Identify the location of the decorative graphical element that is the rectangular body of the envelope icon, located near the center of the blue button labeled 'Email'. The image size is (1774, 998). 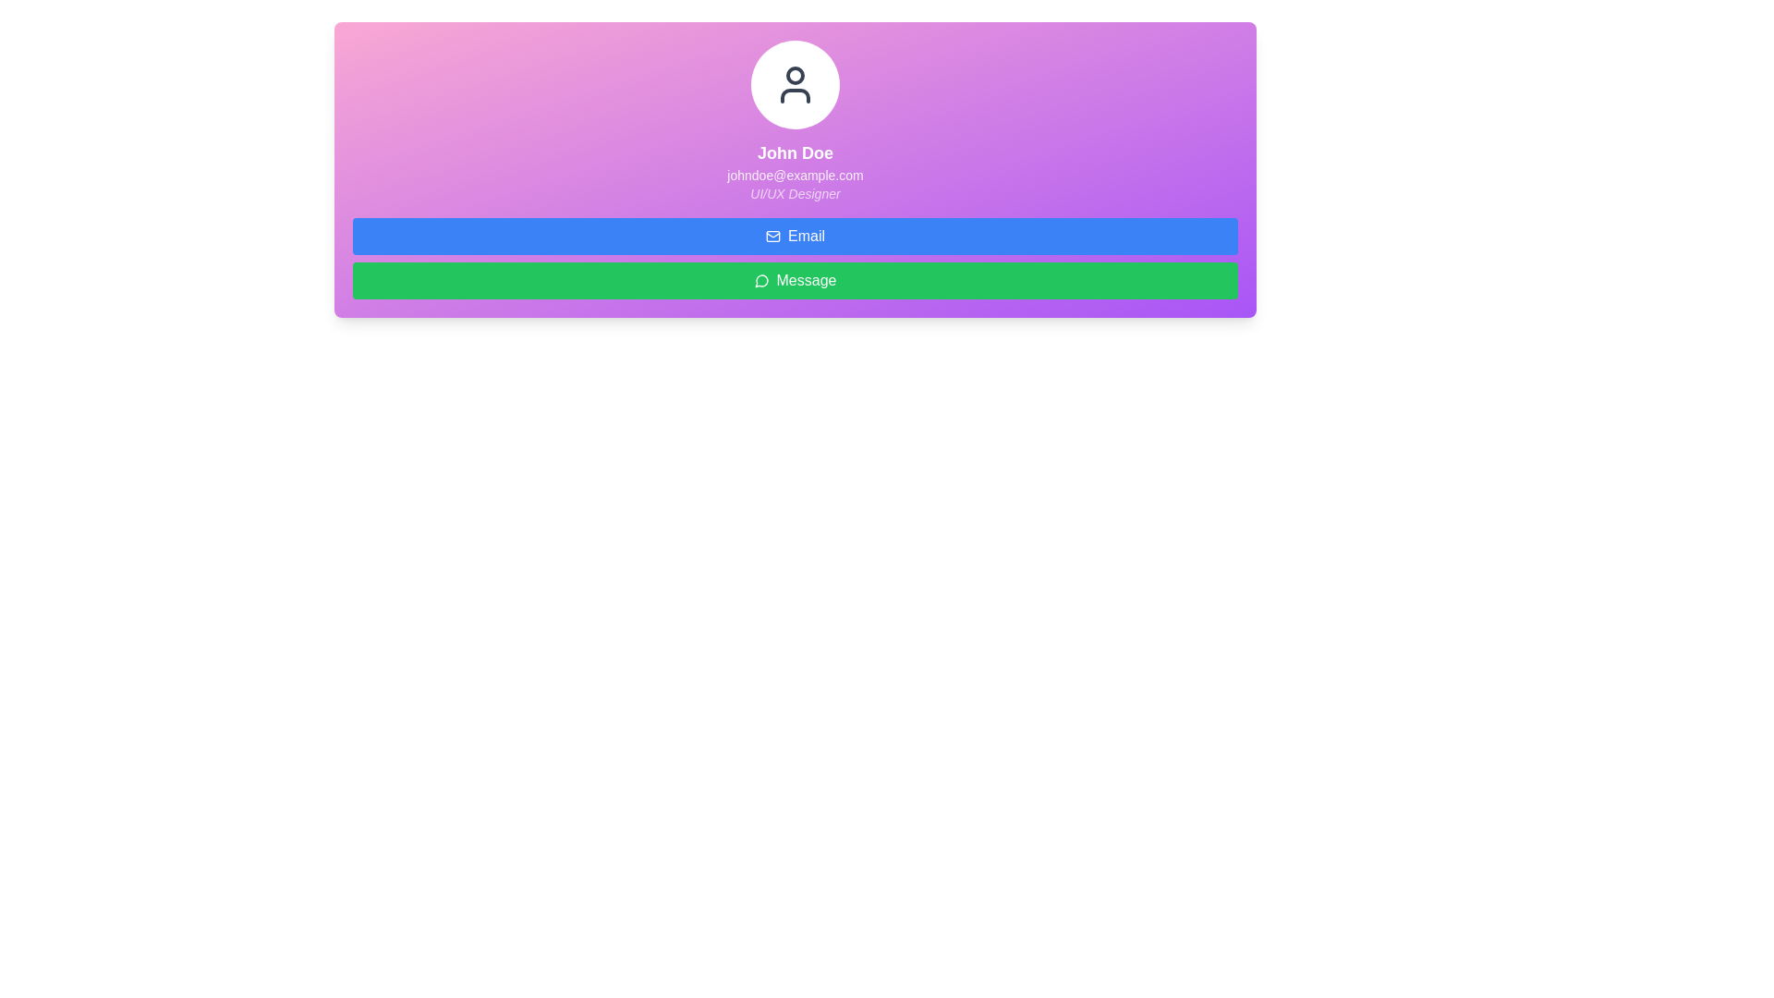
(772, 235).